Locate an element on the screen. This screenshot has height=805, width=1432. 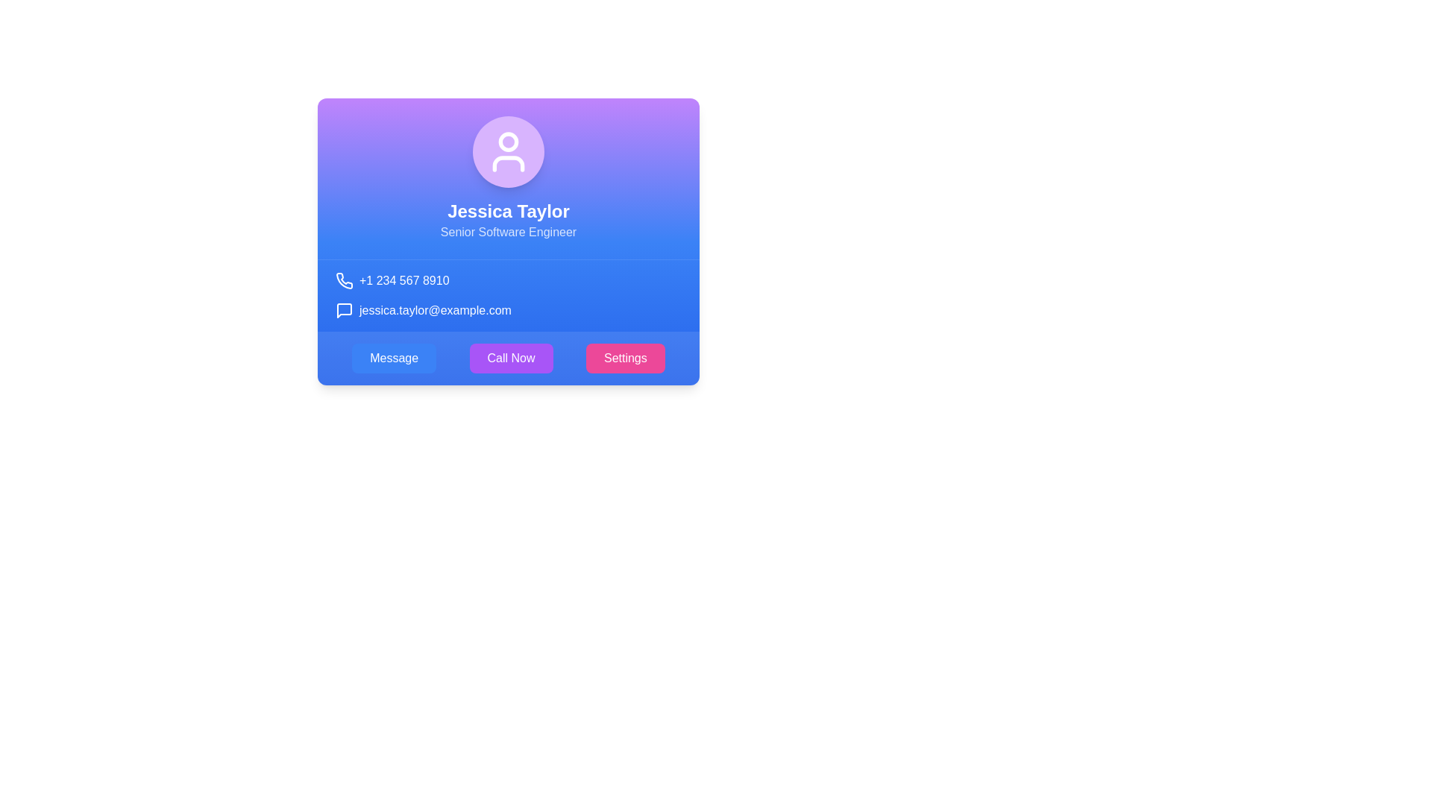
the settings button located at the bottom right of the card, which is the third button in a horizontal row following 'Message' and 'Call Now' is located at coordinates (625, 359).